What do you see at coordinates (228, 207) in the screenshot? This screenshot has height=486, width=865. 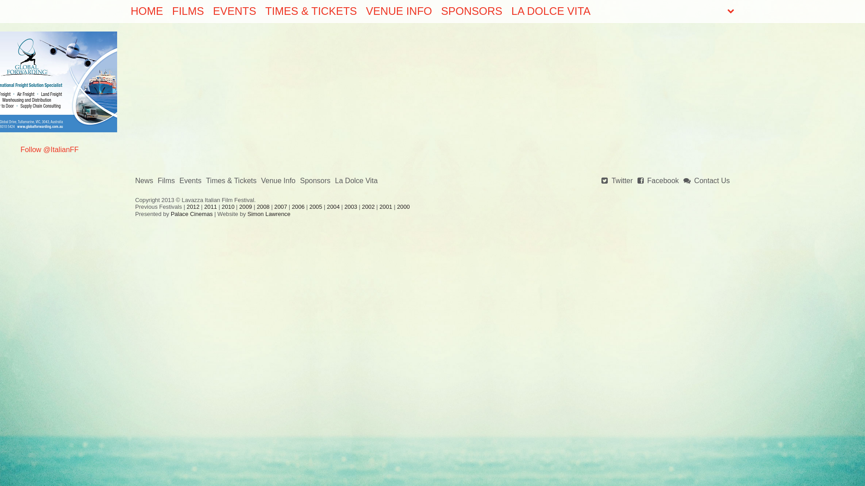 I see `'2010'` at bounding box center [228, 207].